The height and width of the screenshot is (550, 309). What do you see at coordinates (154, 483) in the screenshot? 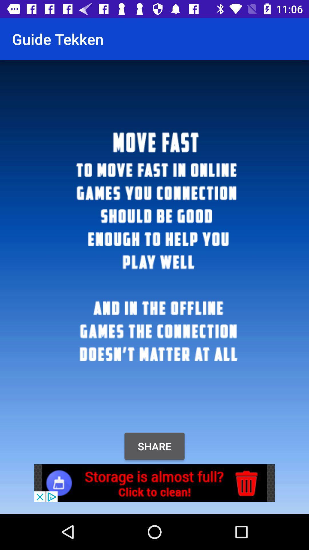
I see `banner` at bounding box center [154, 483].